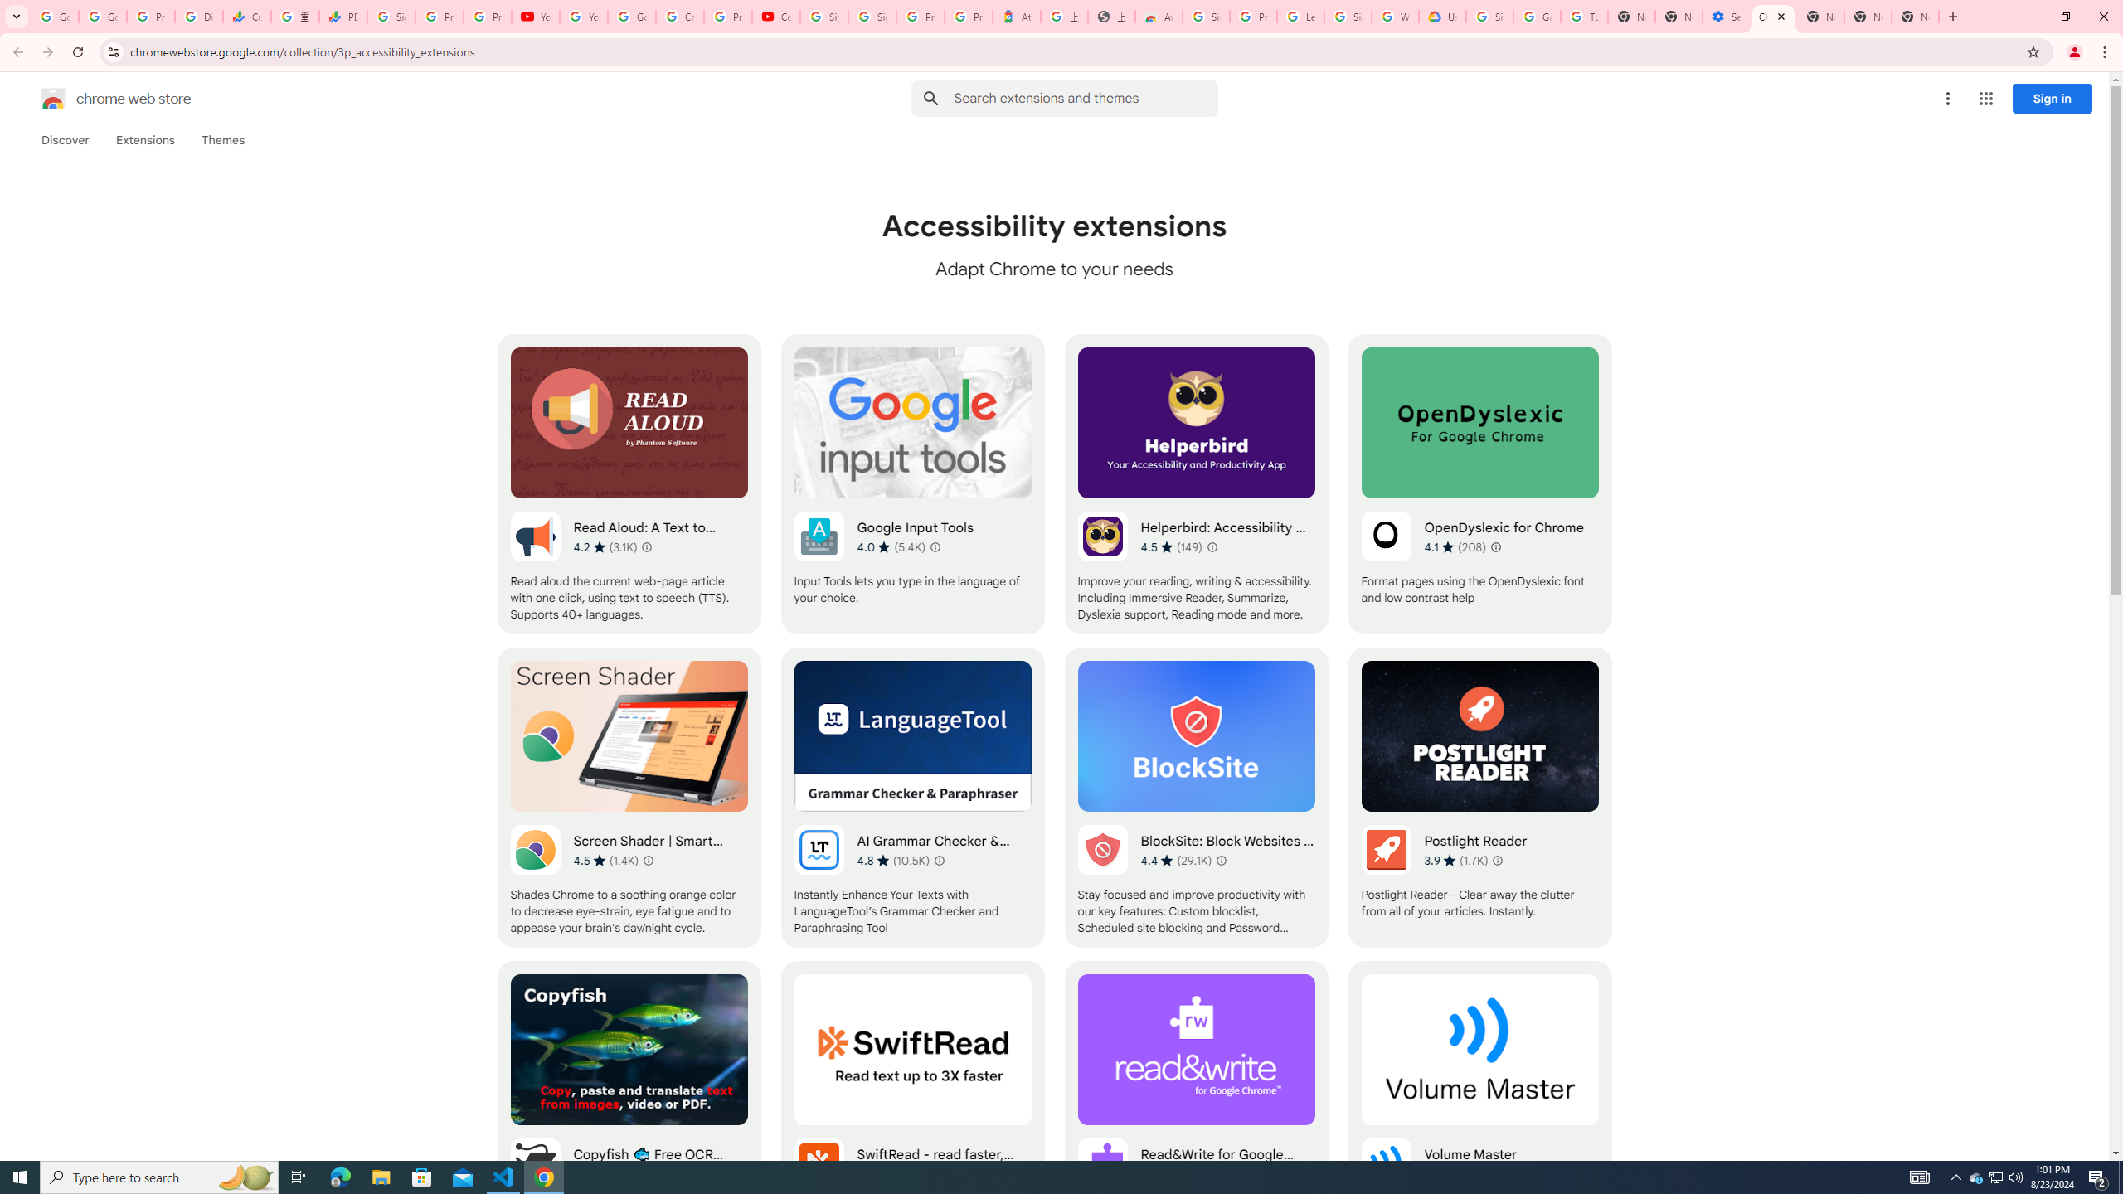 This screenshot has width=2123, height=1194. Describe the element at coordinates (912, 483) in the screenshot. I see `'Google Input Tools'` at that location.